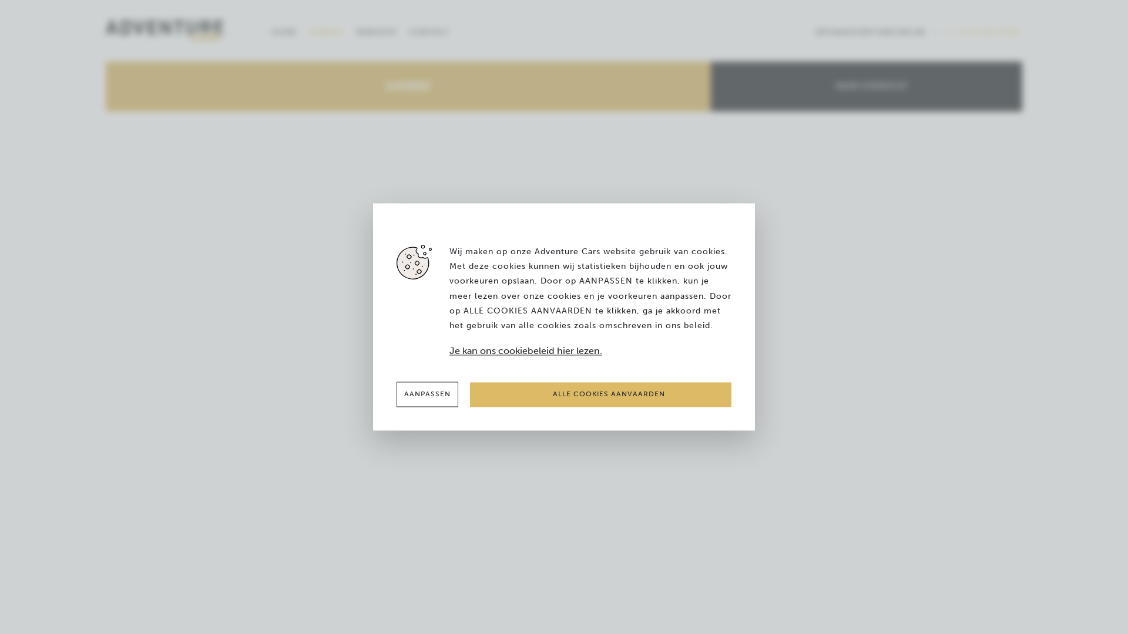 This screenshot has height=634, width=1128. I want to click on 'INFO@ADVENTURECARS.BE', so click(874, 31).